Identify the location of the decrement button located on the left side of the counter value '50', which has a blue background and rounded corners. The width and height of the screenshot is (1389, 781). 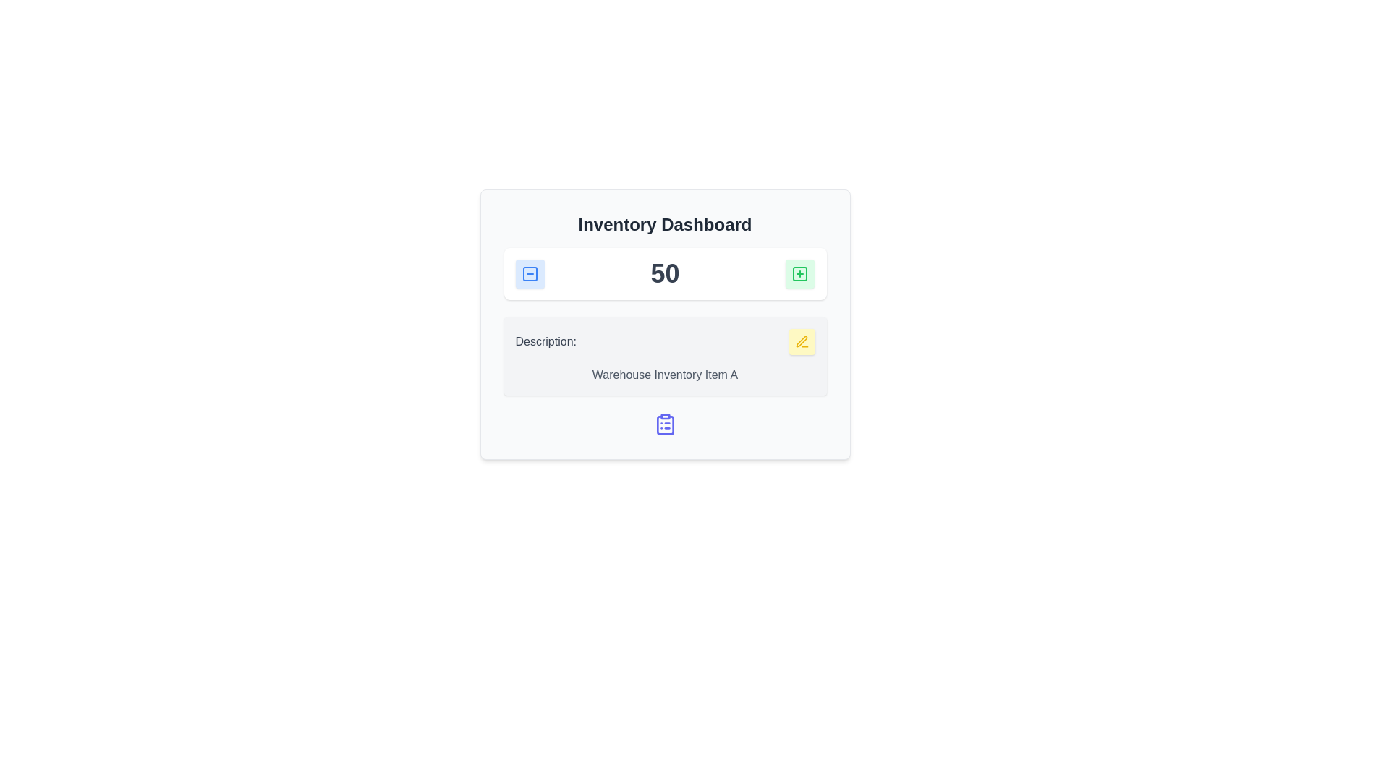
(529, 273).